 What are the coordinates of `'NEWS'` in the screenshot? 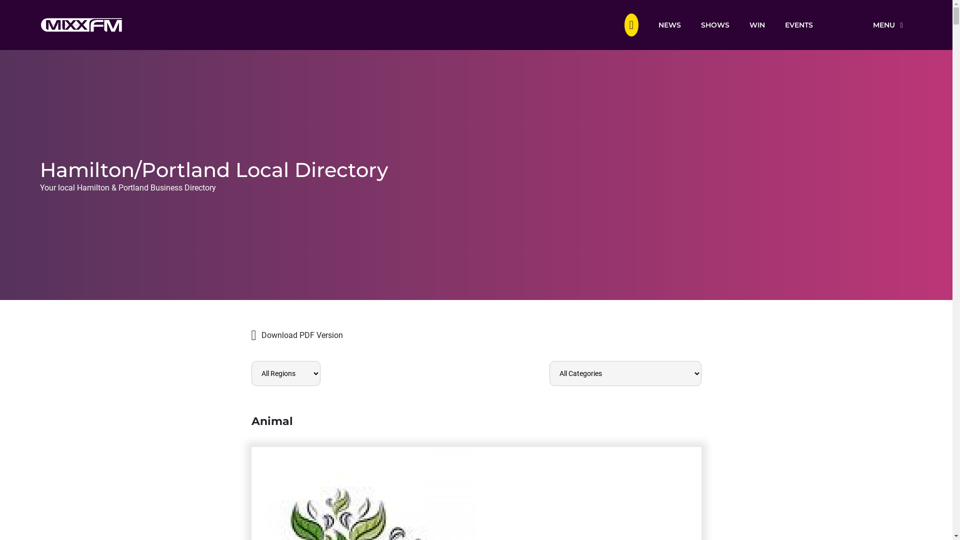 It's located at (669, 24).